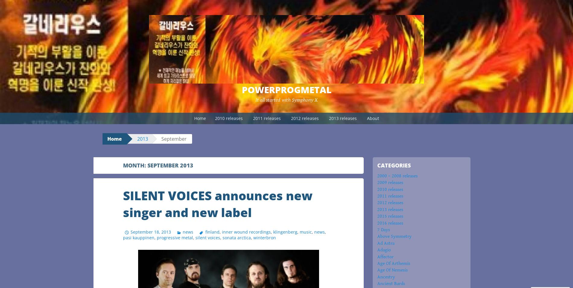  What do you see at coordinates (397, 176) in the screenshot?
I see `'2000 – 2008 releases'` at bounding box center [397, 176].